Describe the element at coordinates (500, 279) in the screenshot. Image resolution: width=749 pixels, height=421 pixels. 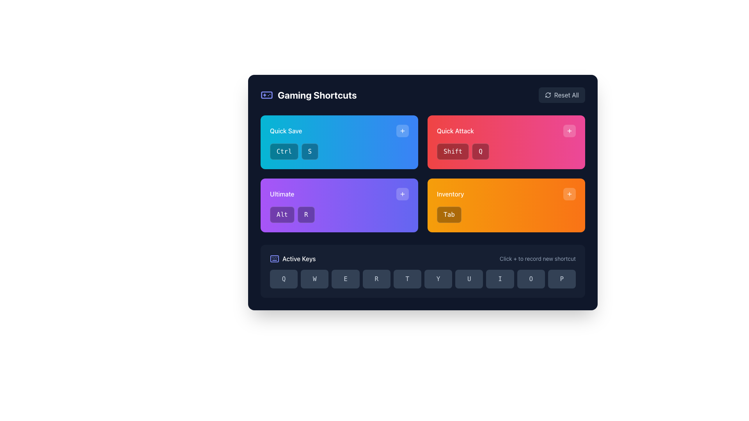
I see `the 'I' button, which has a dark slate background and is part of a horizontal grid layout at the bottom of the interface, to trigger its associated functionality` at that location.